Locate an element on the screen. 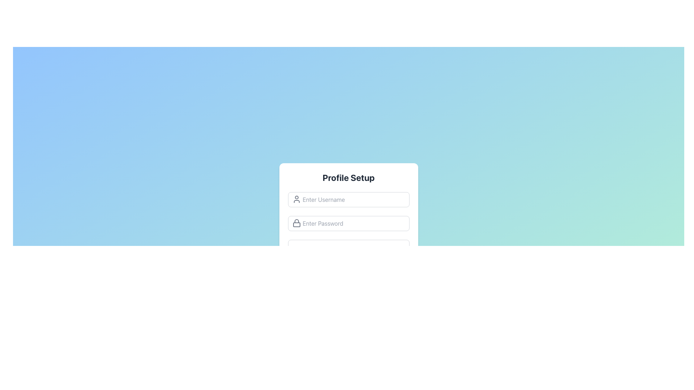 The height and width of the screenshot is (390, 694). the heading element styled with bold, large-sized, gray text reading 'Profile Setup', which is centrally aligned and positioned above other form input fields is located at coordinates (348, 178).